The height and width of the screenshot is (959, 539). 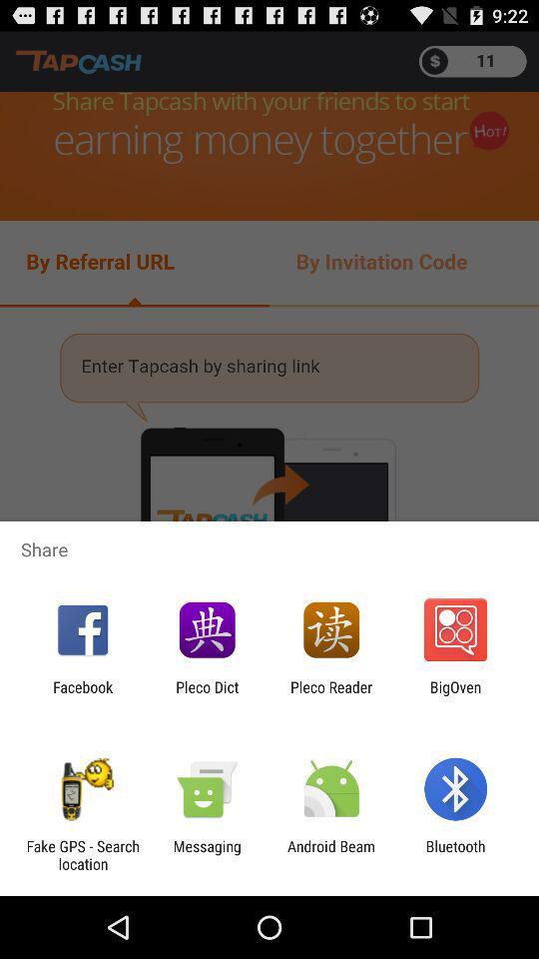 I want to click on the pleco dict app, so click(x=206, y=695).